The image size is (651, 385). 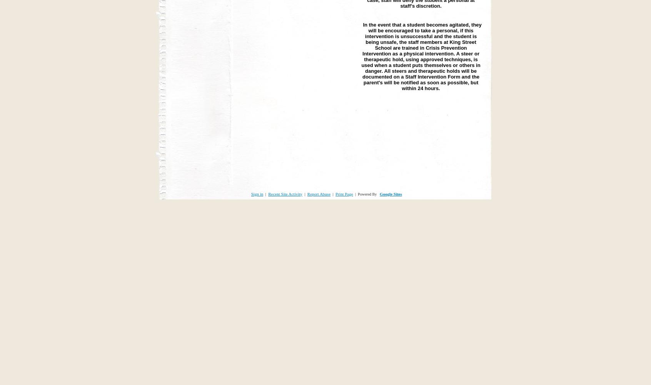 What do you see at coordinates (257, 194) in the screenshot?
I see `'Sign in'` at bounding box center [257, 194].